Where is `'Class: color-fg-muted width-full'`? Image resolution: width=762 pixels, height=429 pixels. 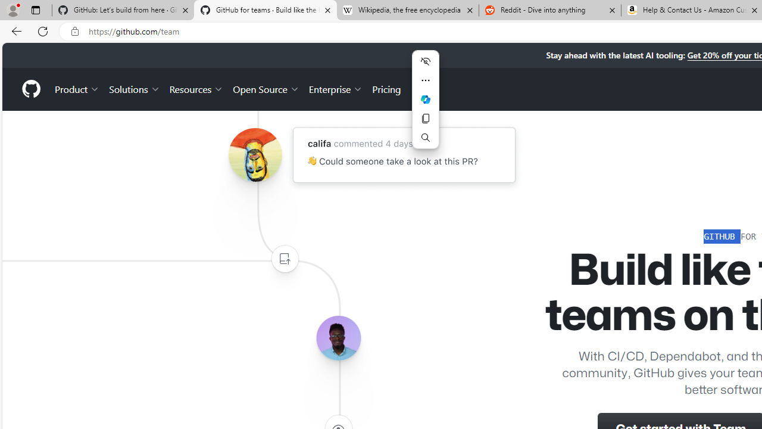 'Class: color-fg-muted width-full' is located at coordinates (284, 258).